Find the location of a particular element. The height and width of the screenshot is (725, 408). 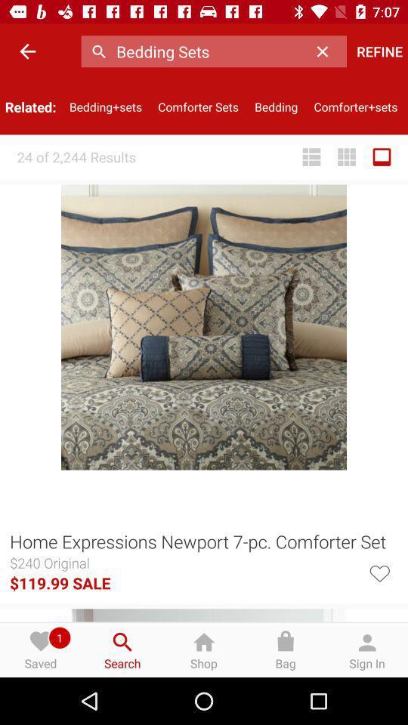

refine icon is located at coordinates (379, 51).